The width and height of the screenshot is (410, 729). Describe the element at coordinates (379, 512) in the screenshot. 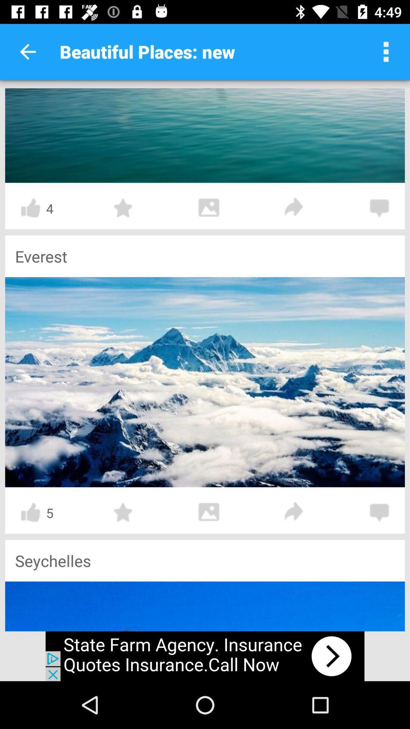

I see `message` at that location.